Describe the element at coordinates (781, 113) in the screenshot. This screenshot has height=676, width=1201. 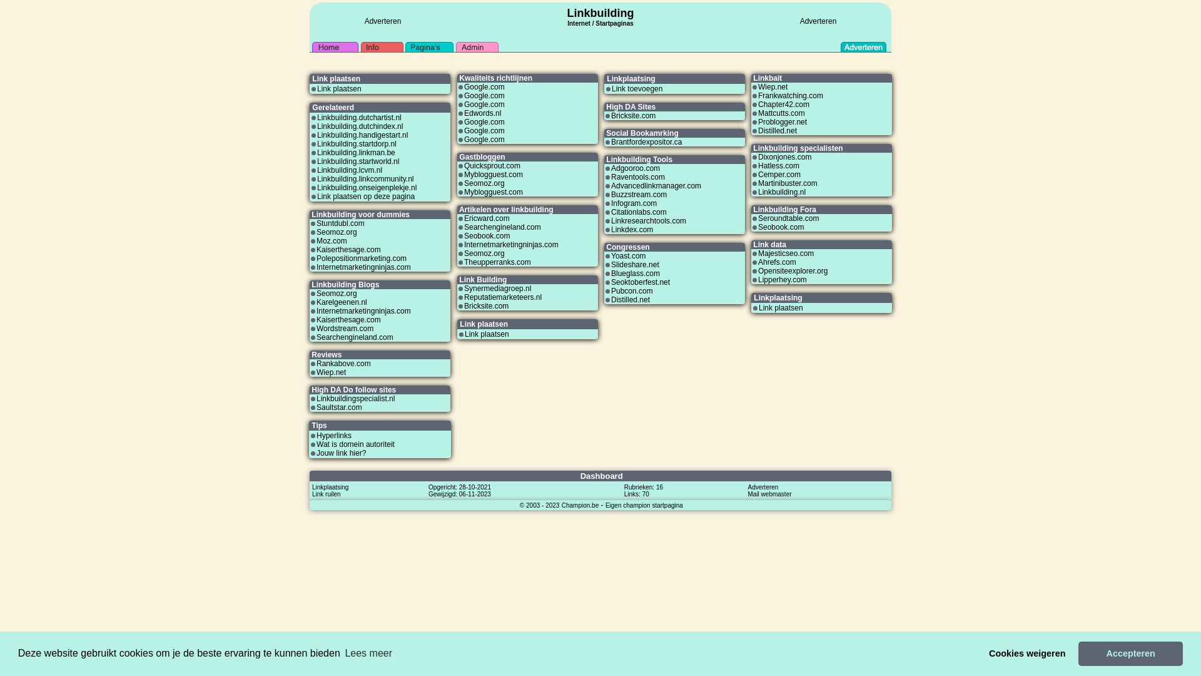
I see `'Mattcutts.com'` at that location.